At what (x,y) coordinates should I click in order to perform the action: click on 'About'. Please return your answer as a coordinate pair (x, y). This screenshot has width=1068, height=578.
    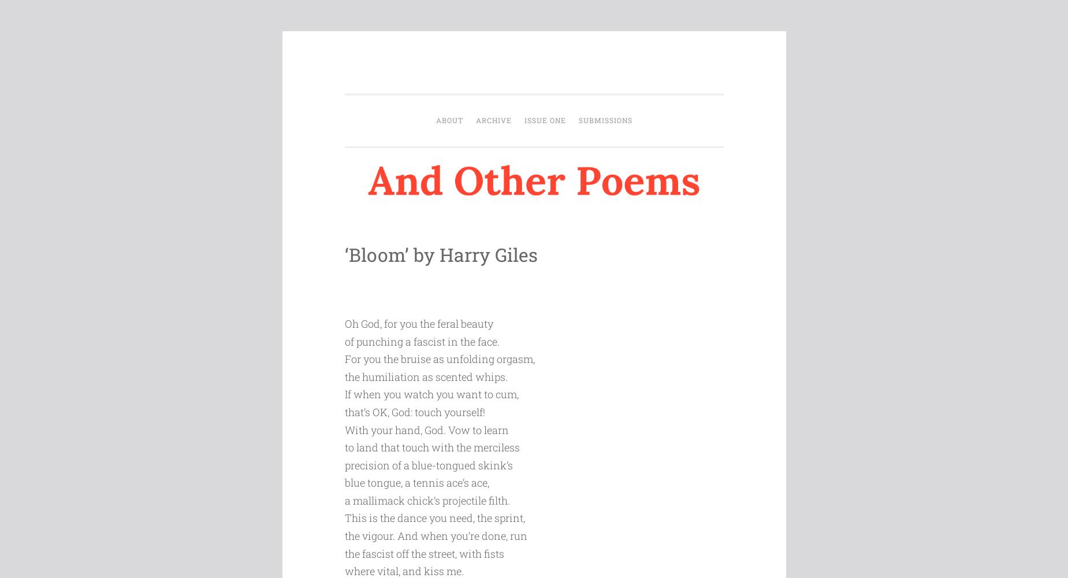
    Looking at the image, I should click on (435, 120).